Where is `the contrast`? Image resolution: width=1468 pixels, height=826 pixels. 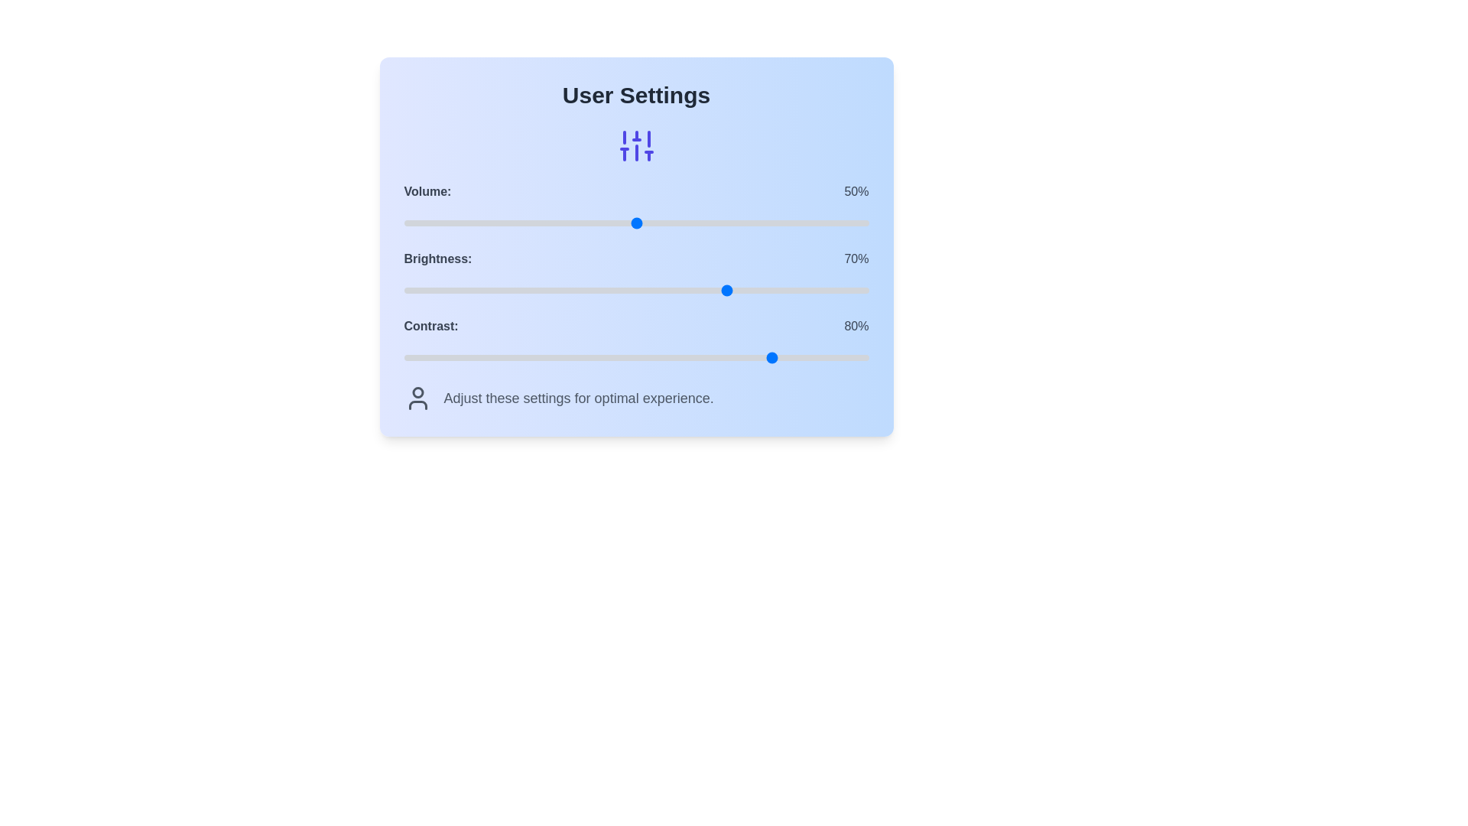 the contrast is located at coordinates (497, 357).